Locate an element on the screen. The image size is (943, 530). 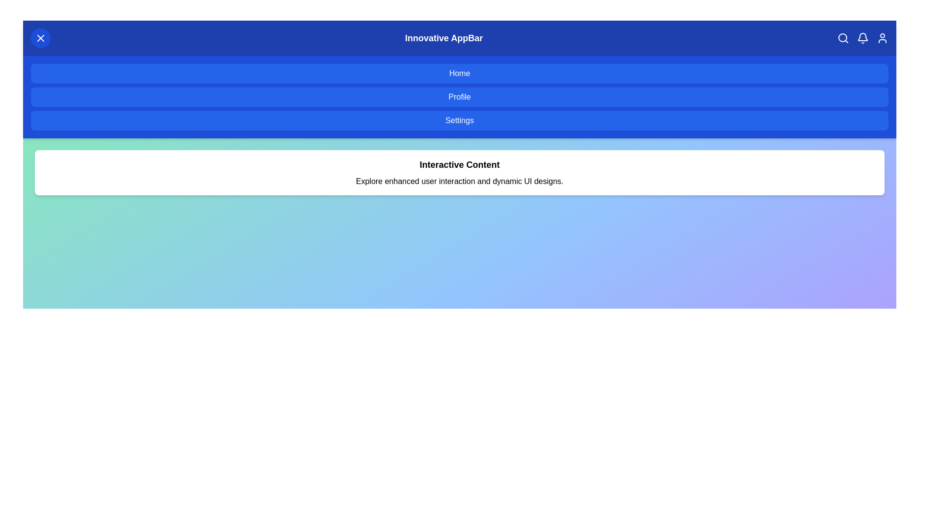
the navigation item Home to navigate to the respective section is located at coordinates (459, 73).